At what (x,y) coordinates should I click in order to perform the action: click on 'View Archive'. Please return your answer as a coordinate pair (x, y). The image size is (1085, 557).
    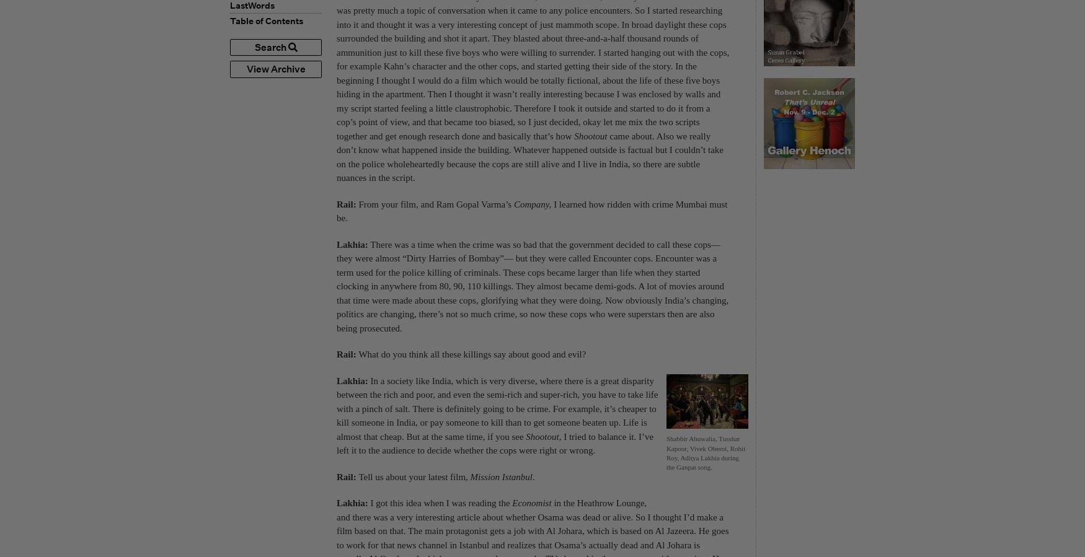
    Looking at the image, I should click on (246, 68).